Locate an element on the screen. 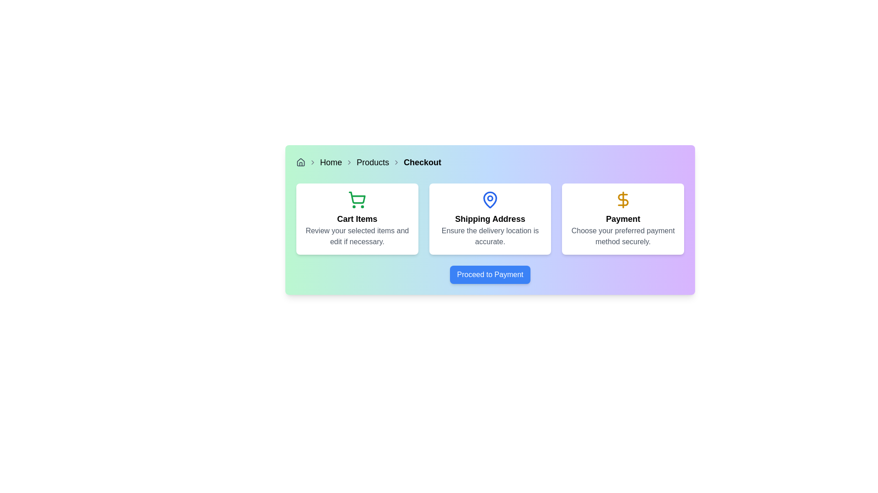 The width and height of the screenshot is (878, 493). the section containing three cards labeled 'Cart Items', 'Shipping Address', and 'Payment' to observe any hover effects is located at coordinates (489, 219).